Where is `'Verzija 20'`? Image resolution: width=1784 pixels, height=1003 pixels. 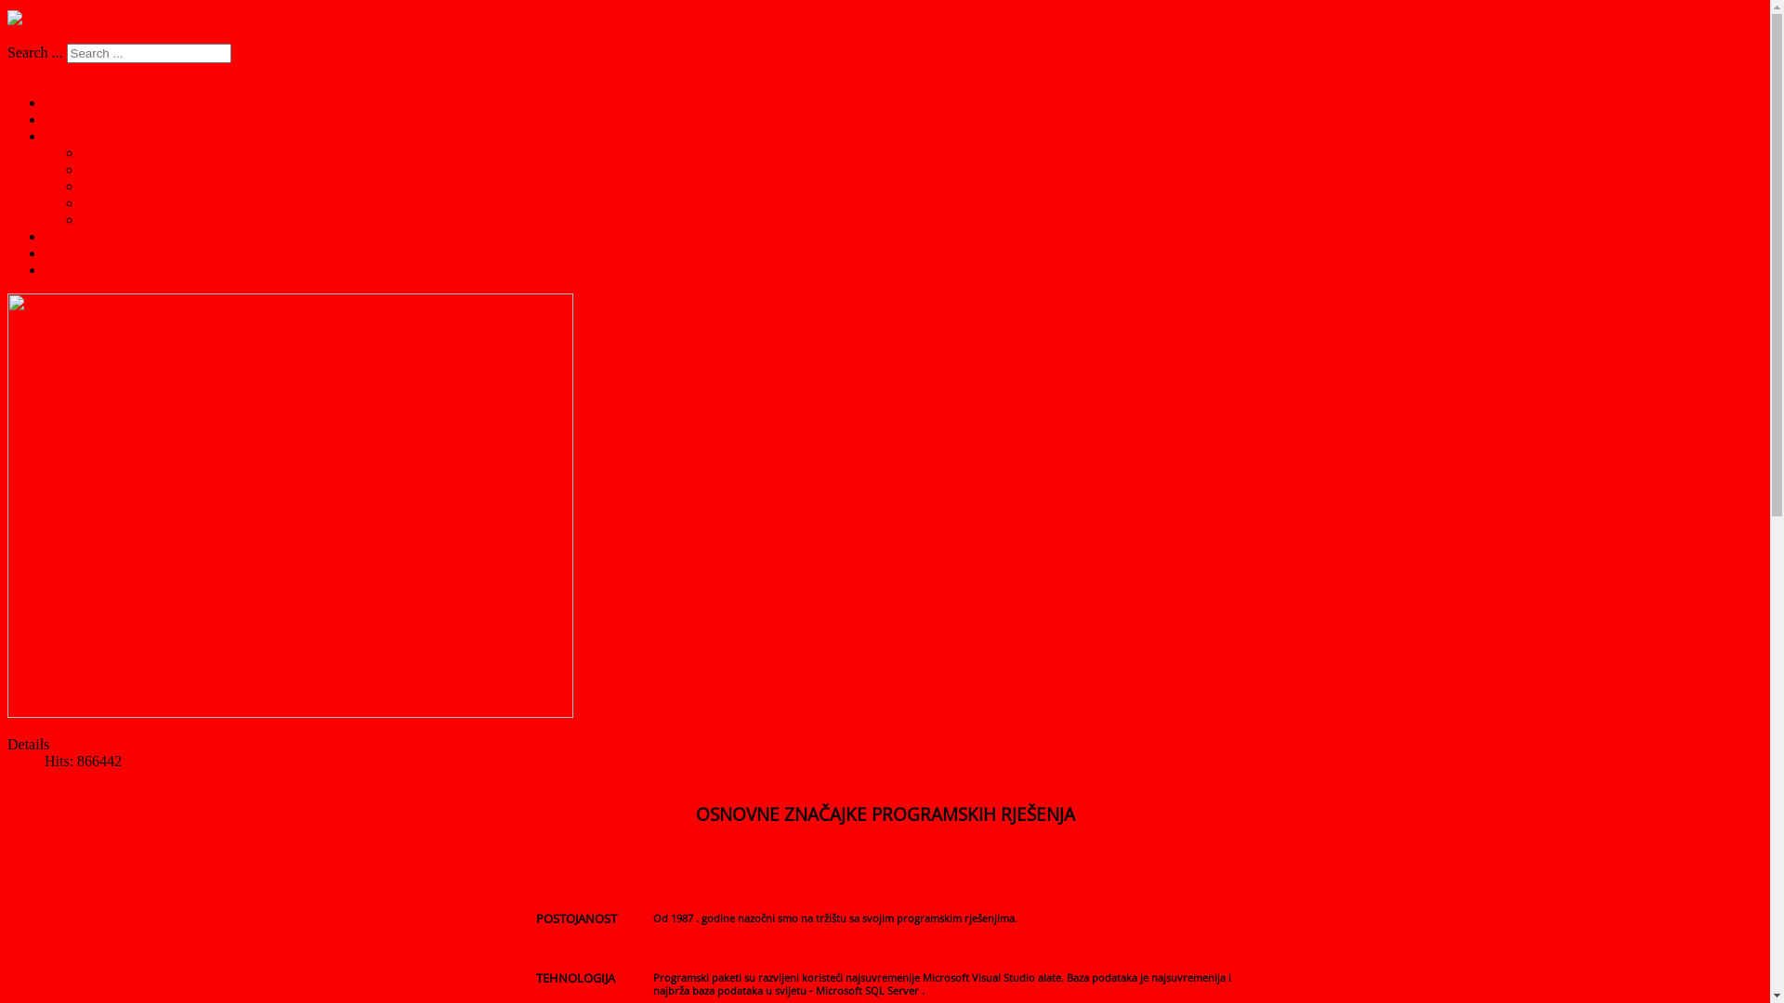 'Verzija 20' is located at coordinates (80, 202).